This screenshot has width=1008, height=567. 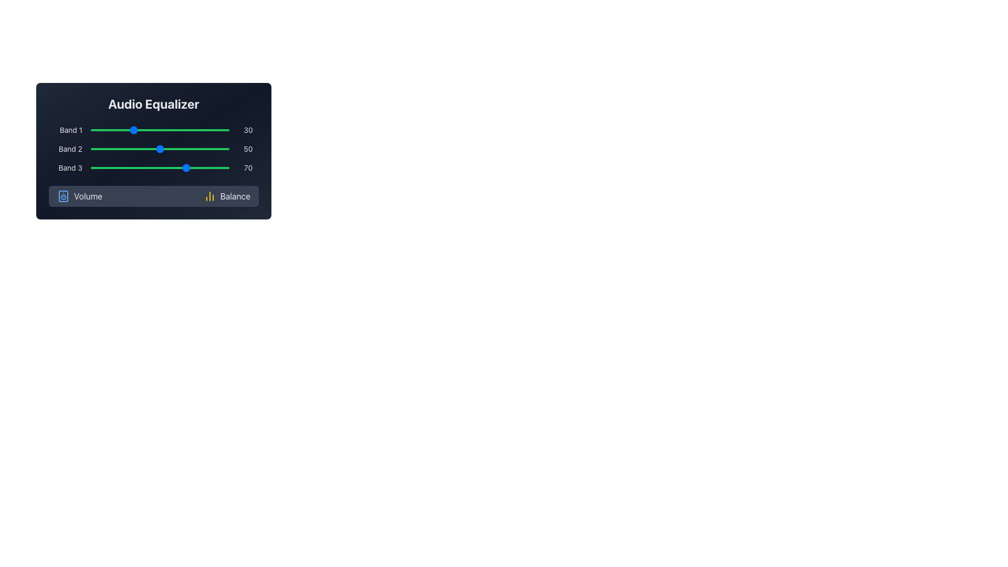 What do you see at coordinates (65, 149) in the screenshot?
I see `the static text label reading 'Band 2' located to the left of the slider in the audio equalizer interface` at bounding box center [65, 149].